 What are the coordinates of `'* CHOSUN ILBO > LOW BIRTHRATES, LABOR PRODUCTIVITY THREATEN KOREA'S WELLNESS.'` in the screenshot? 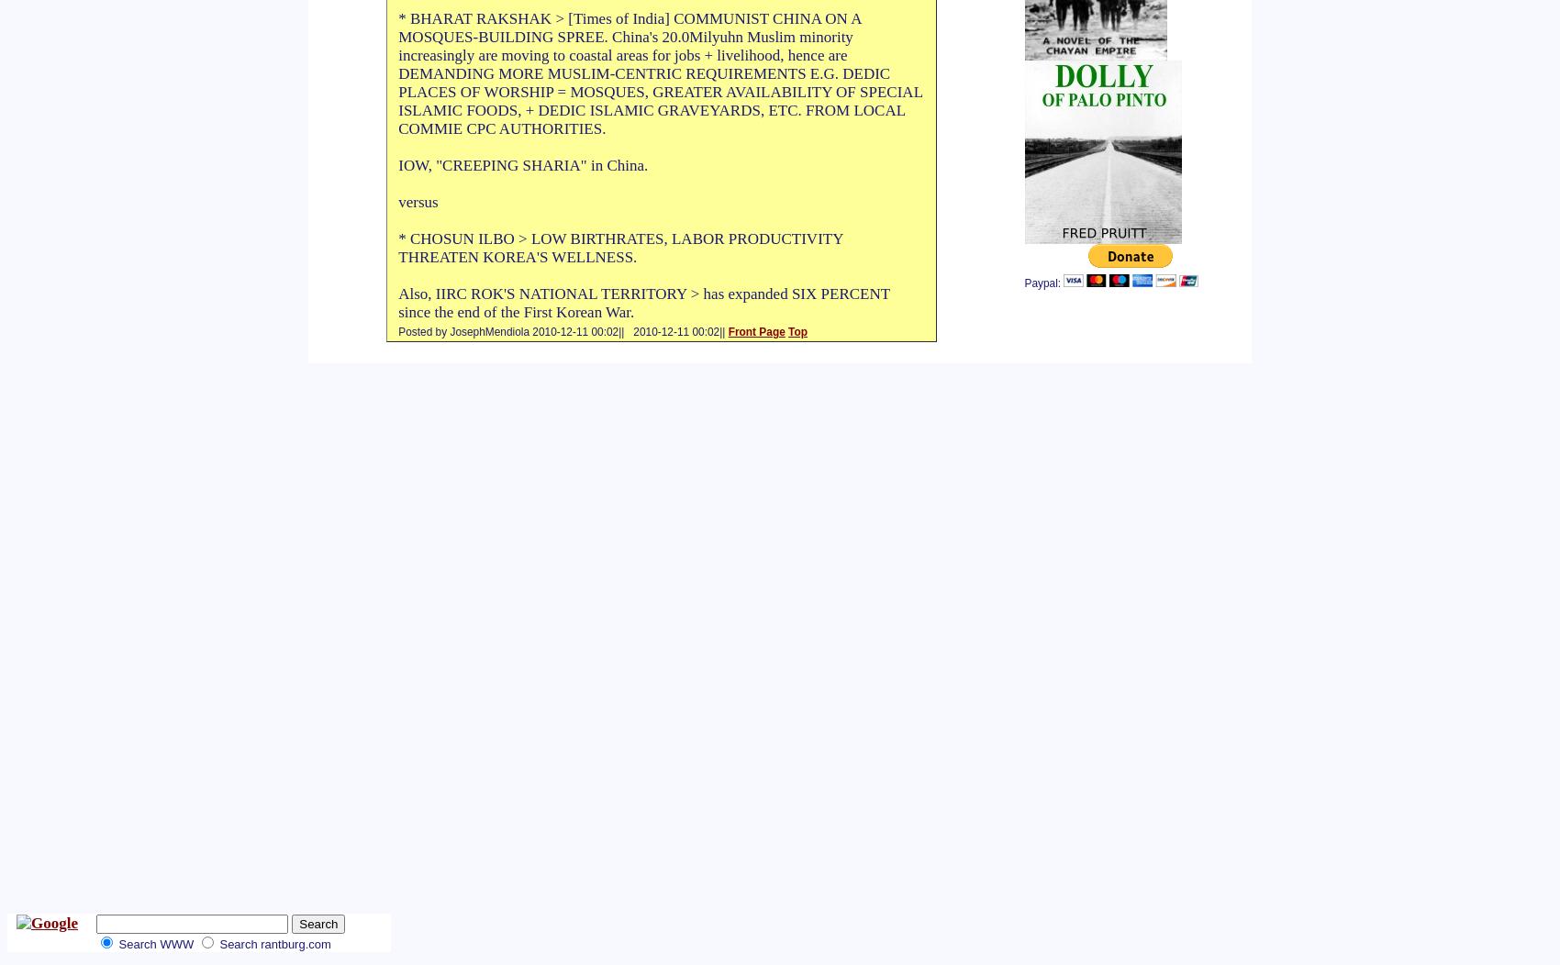 It's located at (398, 248).